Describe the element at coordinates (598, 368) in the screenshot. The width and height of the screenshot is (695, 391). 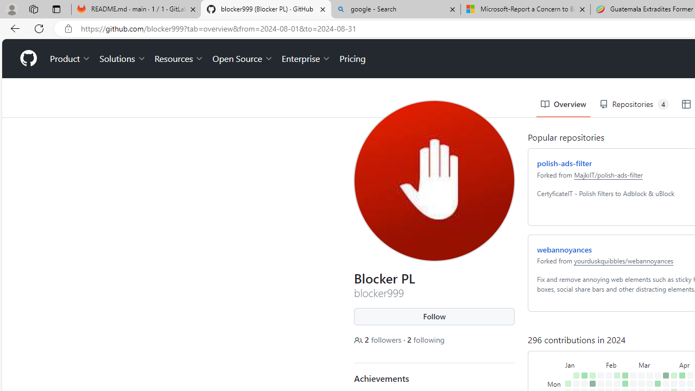
I see `'No contributions on February 1st.'` at that location.